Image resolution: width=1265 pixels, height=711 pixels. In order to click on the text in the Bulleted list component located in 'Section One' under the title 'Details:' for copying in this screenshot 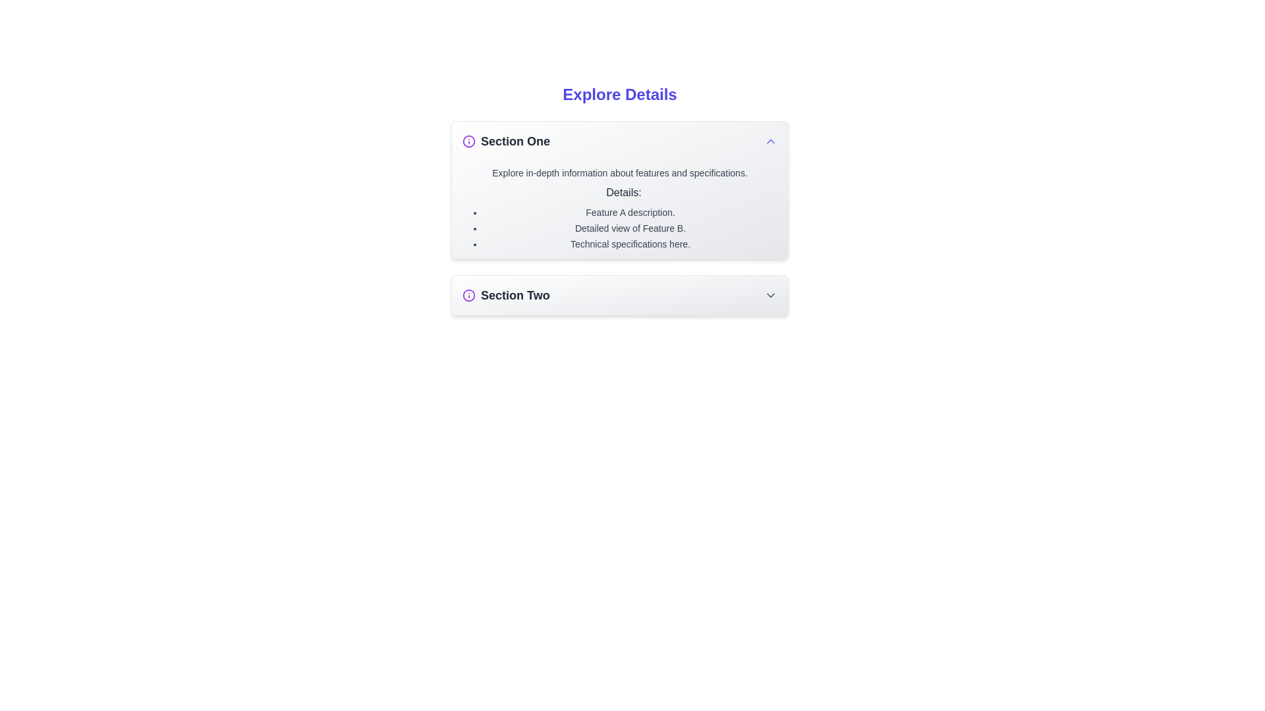, I will do `click(629, 226)`.